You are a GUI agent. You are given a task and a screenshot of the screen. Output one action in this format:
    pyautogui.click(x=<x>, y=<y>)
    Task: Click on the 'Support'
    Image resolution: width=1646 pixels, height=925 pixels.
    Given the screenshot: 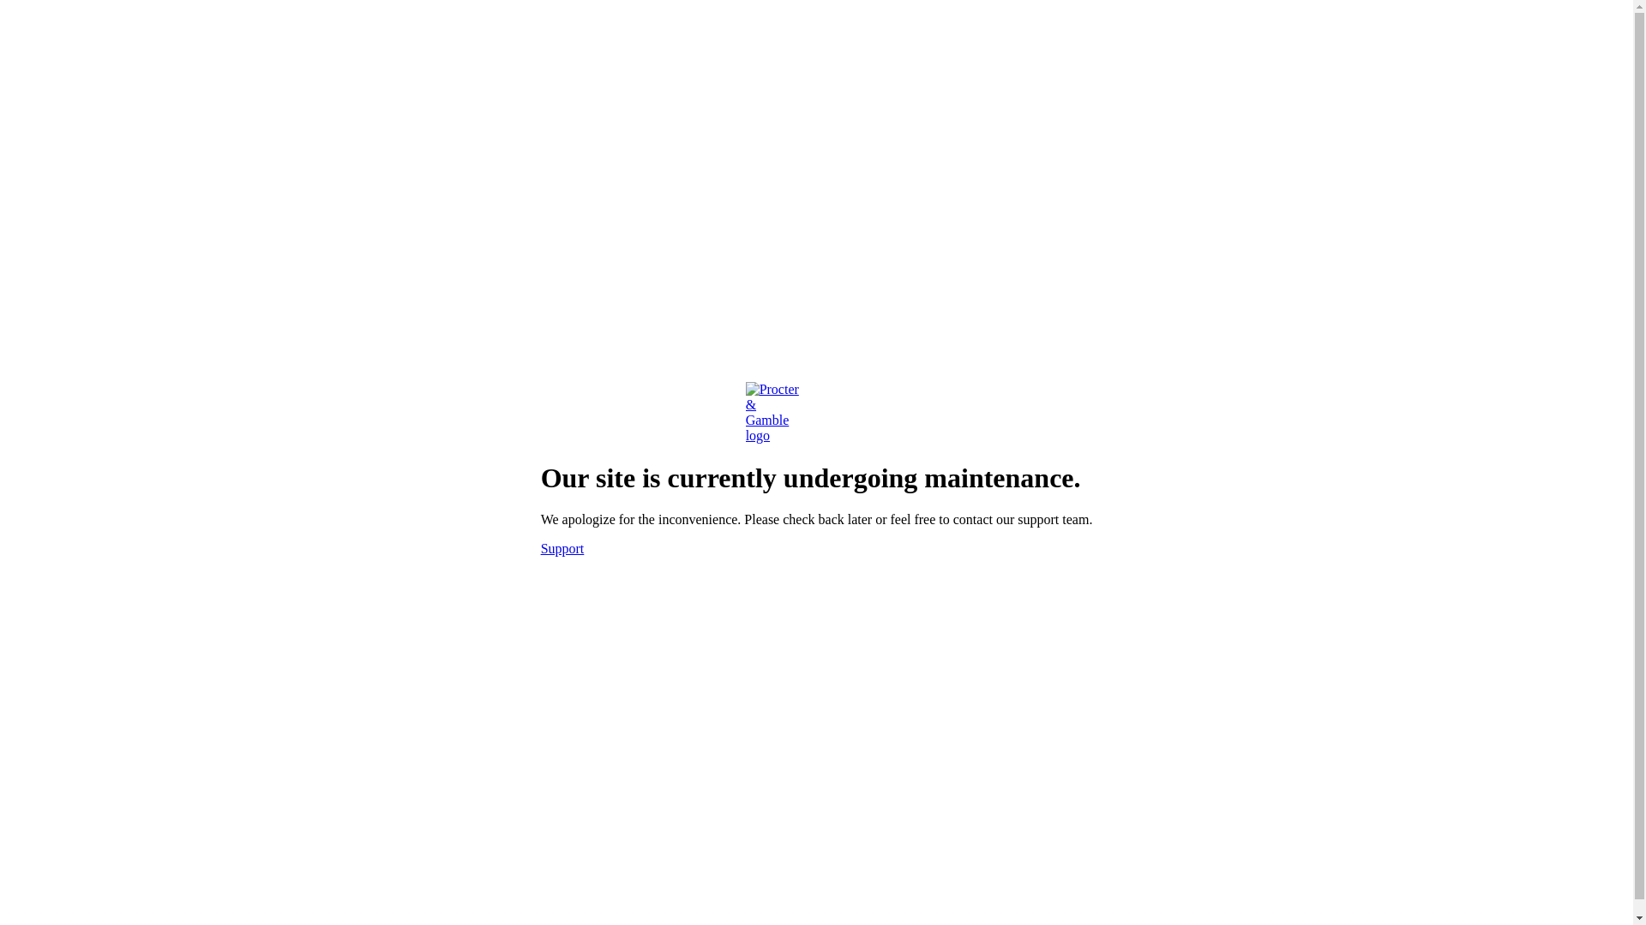 What is the action you would take?
    pyautogui.click(x=562, y=548)
    